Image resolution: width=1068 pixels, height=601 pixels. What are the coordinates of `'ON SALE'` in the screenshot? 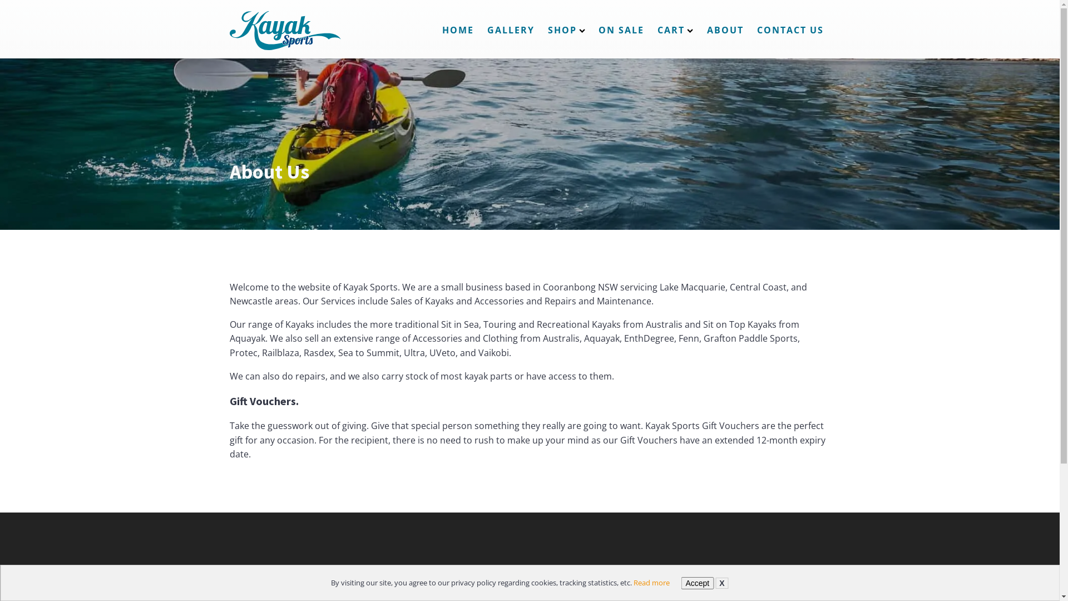 It's located at (621, 29).